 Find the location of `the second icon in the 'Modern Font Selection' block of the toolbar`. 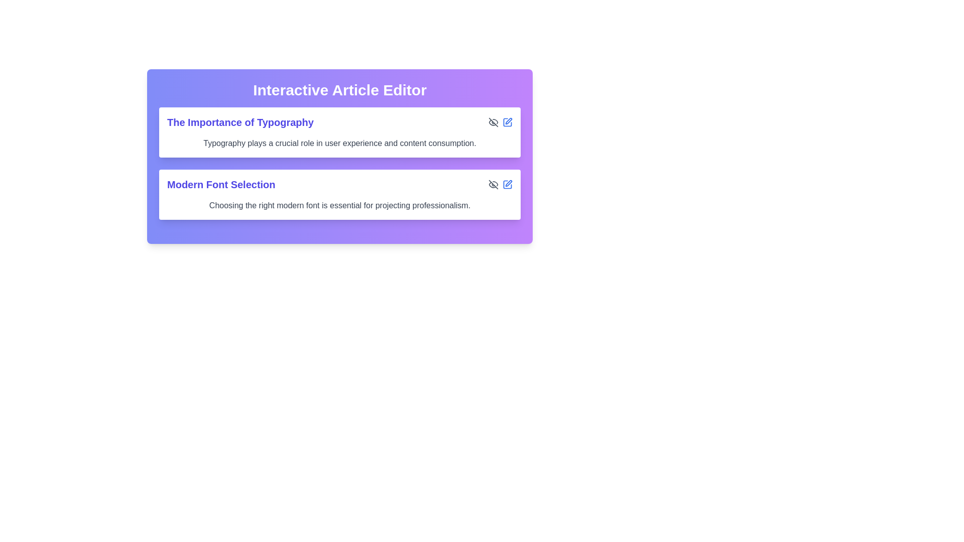

the second icon in the 'Modern Font Selection' block of the toolbar is located at coordinates (508, 184).